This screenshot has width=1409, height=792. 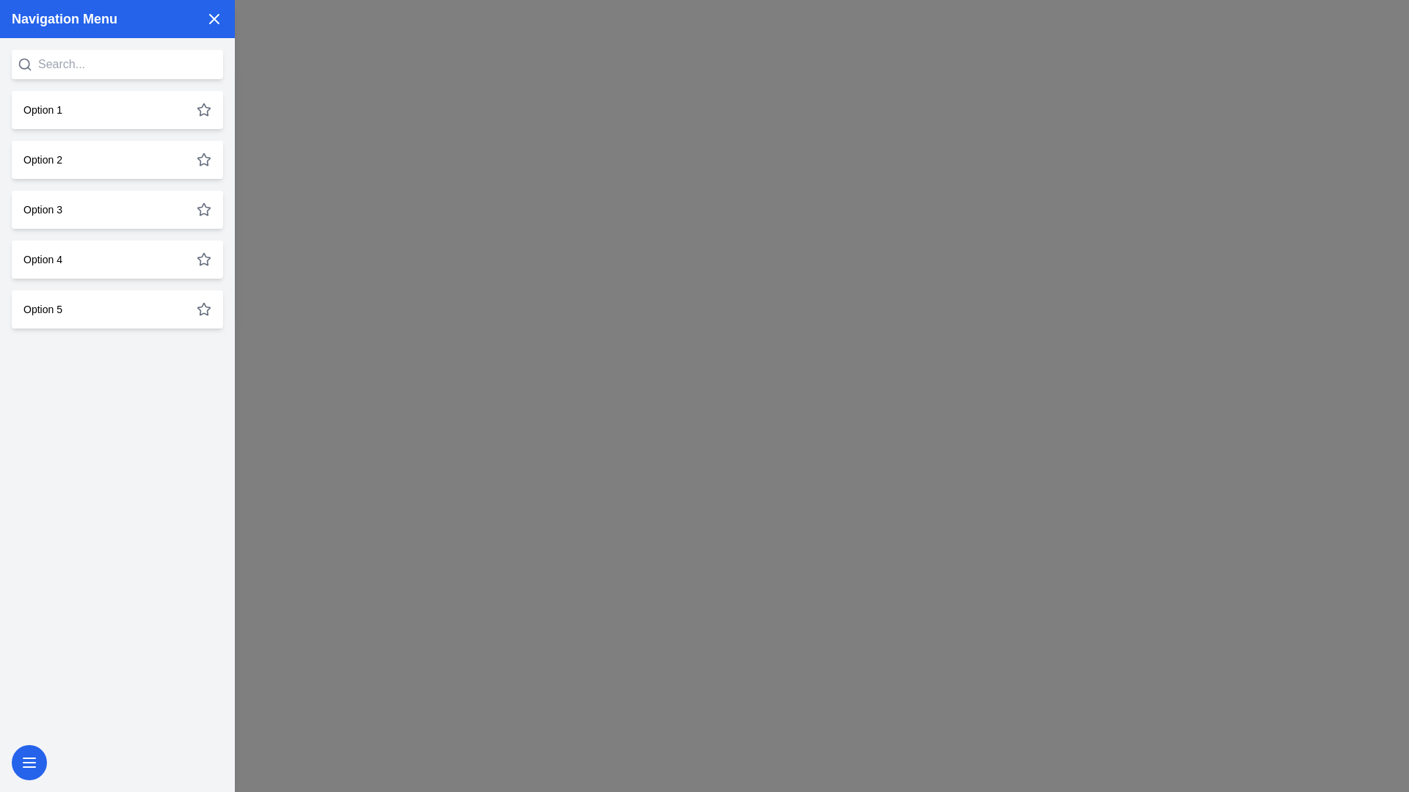 I want to click on the star-shaped icon with a gray outline located to the right of the text 'Option 1' in the first list item of the vertical navigation menu, so click(x=203, y=109).